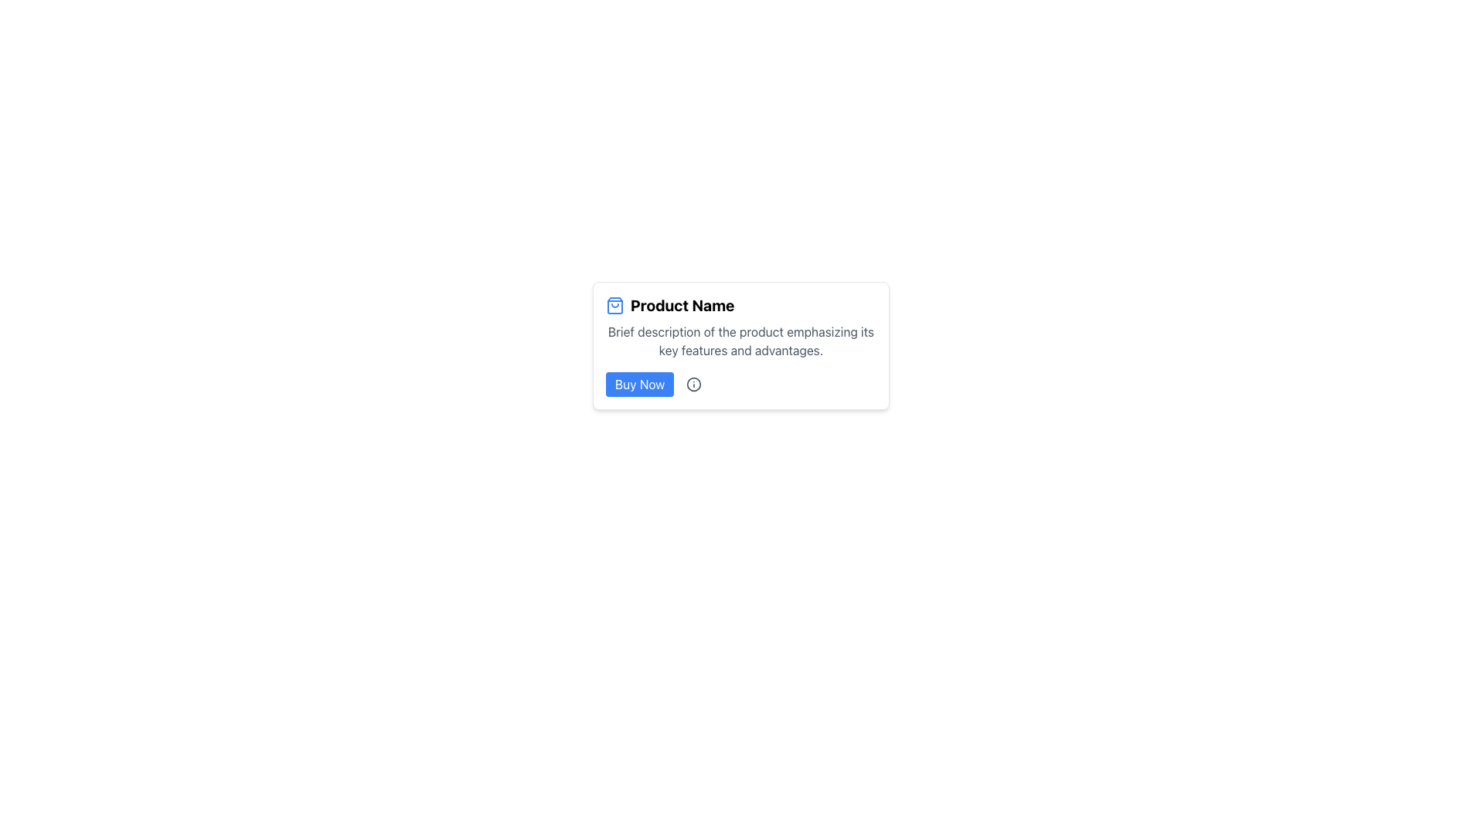 The width and height of the screenshot is (1484, 834). What do you see at coordinates (693, 383) in the screenshot?
I see `the icon that provides additional information about the product, located to the right of the 'Buy Now' button` at bounding box center [693, 383].